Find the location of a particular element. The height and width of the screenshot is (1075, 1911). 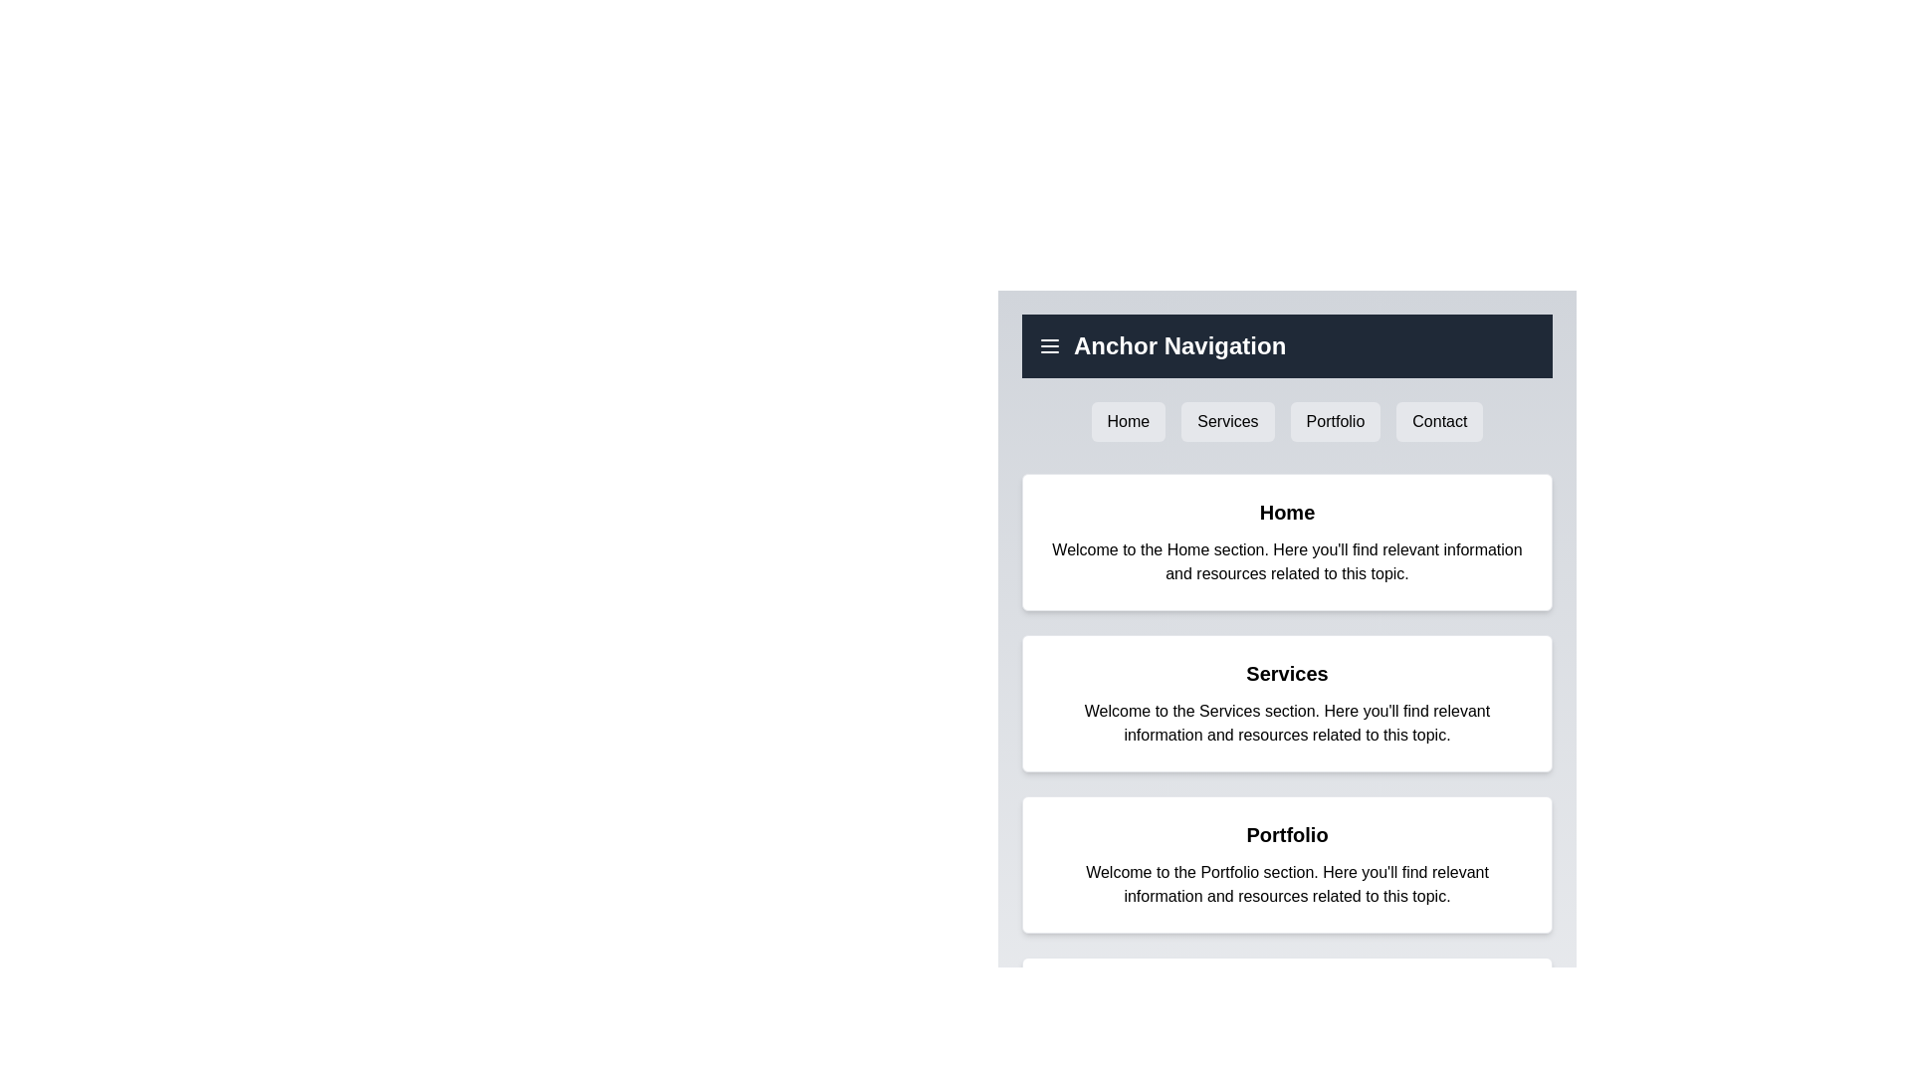

'Services' header text, which is bold, large, and centered, positioned at the top of the bordered card-like structure is located at coordinates (1287, 673).